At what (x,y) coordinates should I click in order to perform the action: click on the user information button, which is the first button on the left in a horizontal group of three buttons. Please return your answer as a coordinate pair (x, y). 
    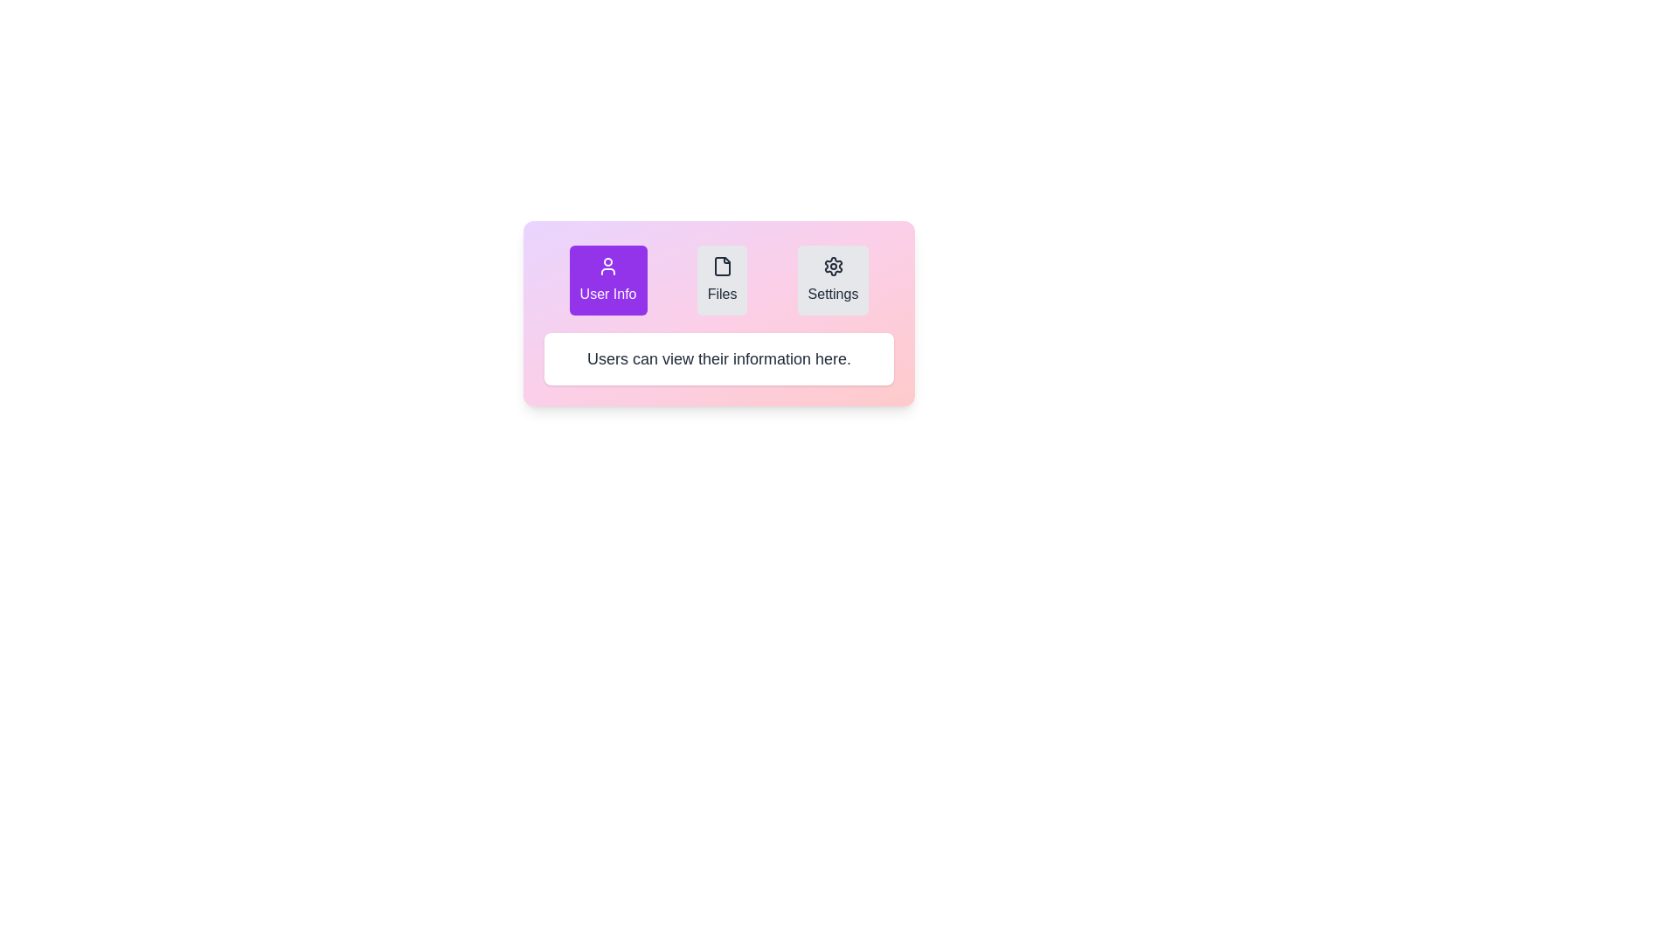
    Looking at the image, I should click on (608, 279).